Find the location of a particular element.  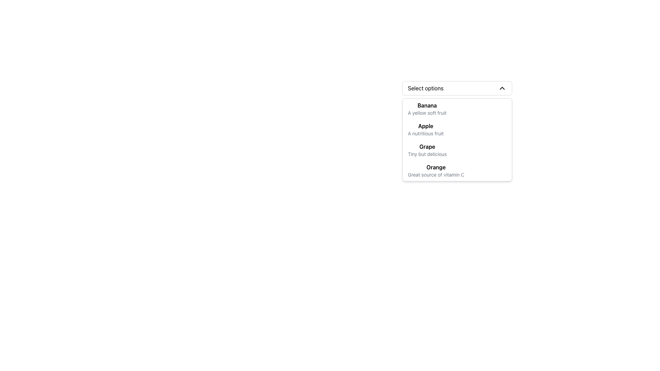

the 'Apple' dropdown menu item, which is the second item in the dropdown list is located at coordinates (425, 130).